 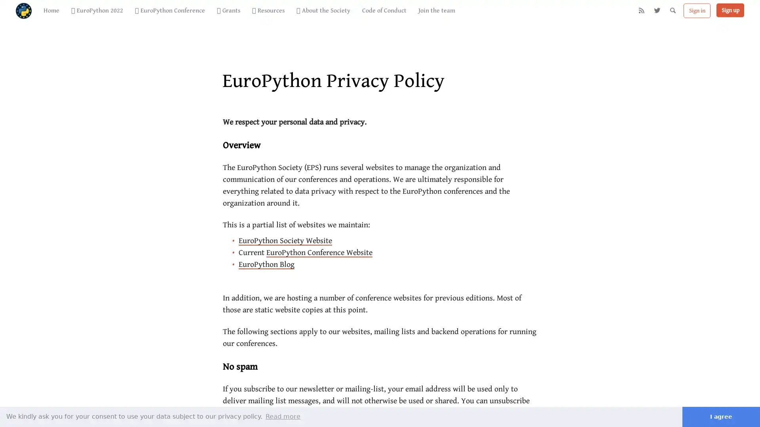 I want to click on Sign in, so click(x=697, y=15).